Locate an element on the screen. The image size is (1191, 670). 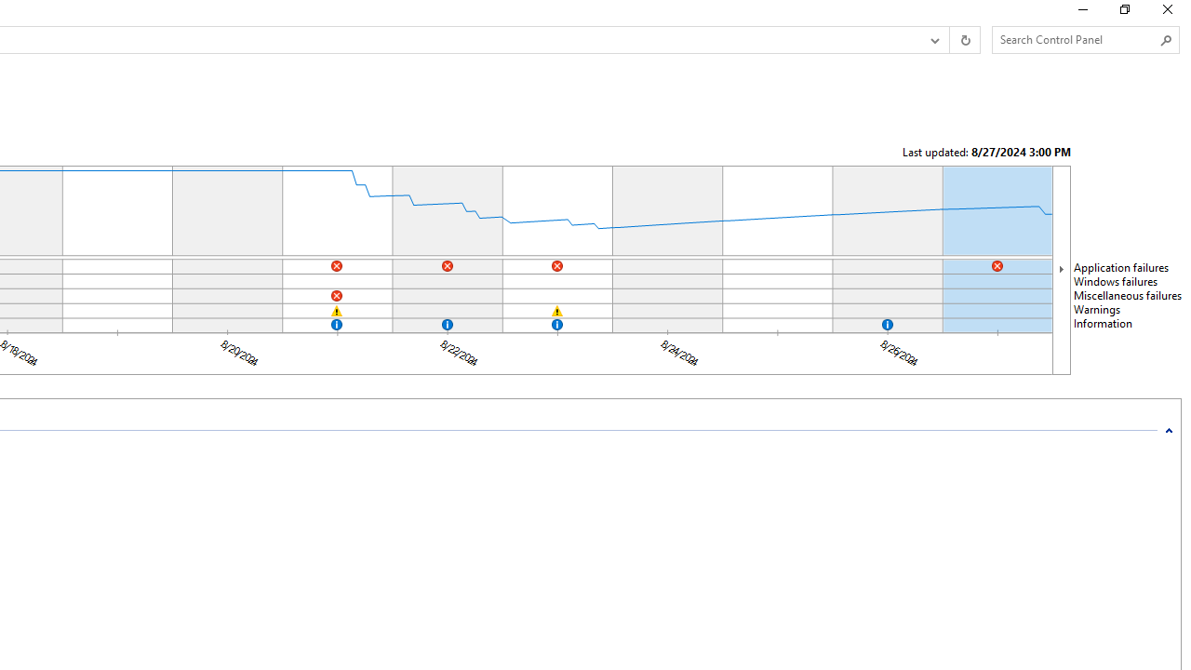
'Minimize' is located at coordinates (1081, 14).